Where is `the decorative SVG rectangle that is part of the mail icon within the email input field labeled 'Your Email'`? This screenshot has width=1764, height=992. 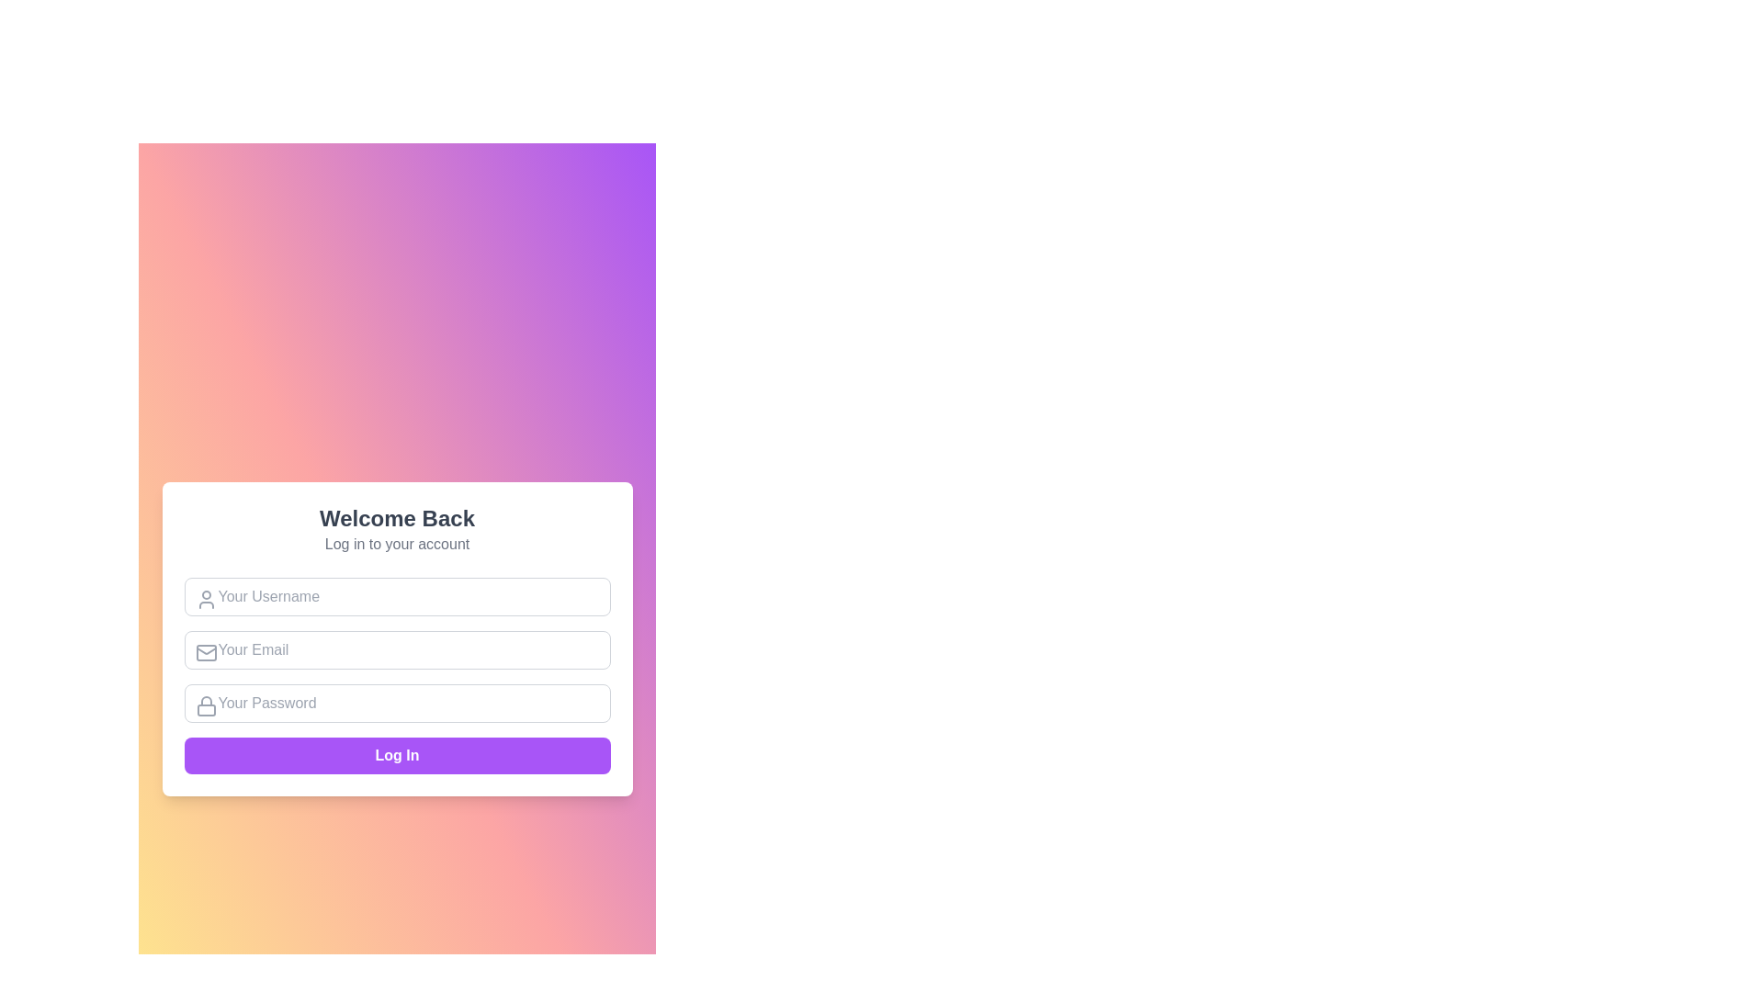 the decorative SVG rectangle that is part of the mail icon within the email input field labeled 'Your Email' is located at coordinates (206, 651).